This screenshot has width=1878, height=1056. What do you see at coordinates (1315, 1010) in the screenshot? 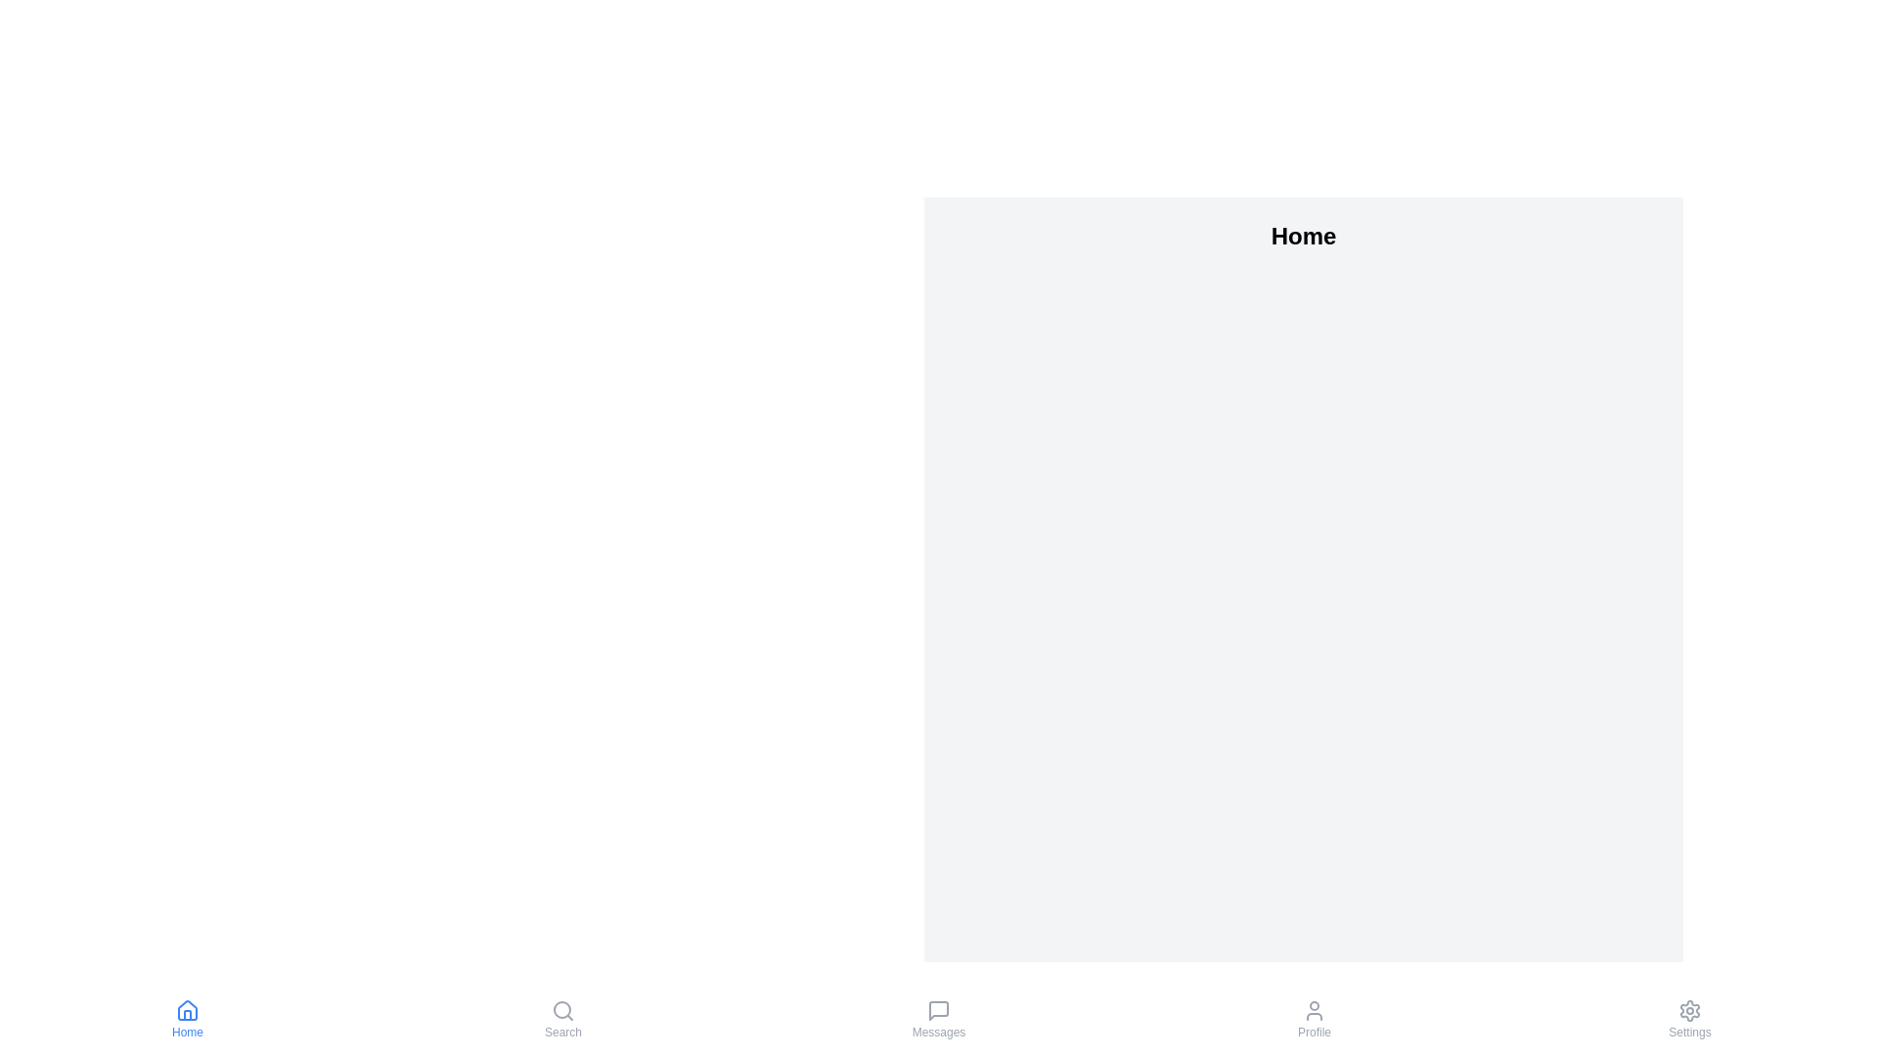
I see `the profile icon located in the center position of the bottom navigation bar` at bounding box center [1315, 1010].